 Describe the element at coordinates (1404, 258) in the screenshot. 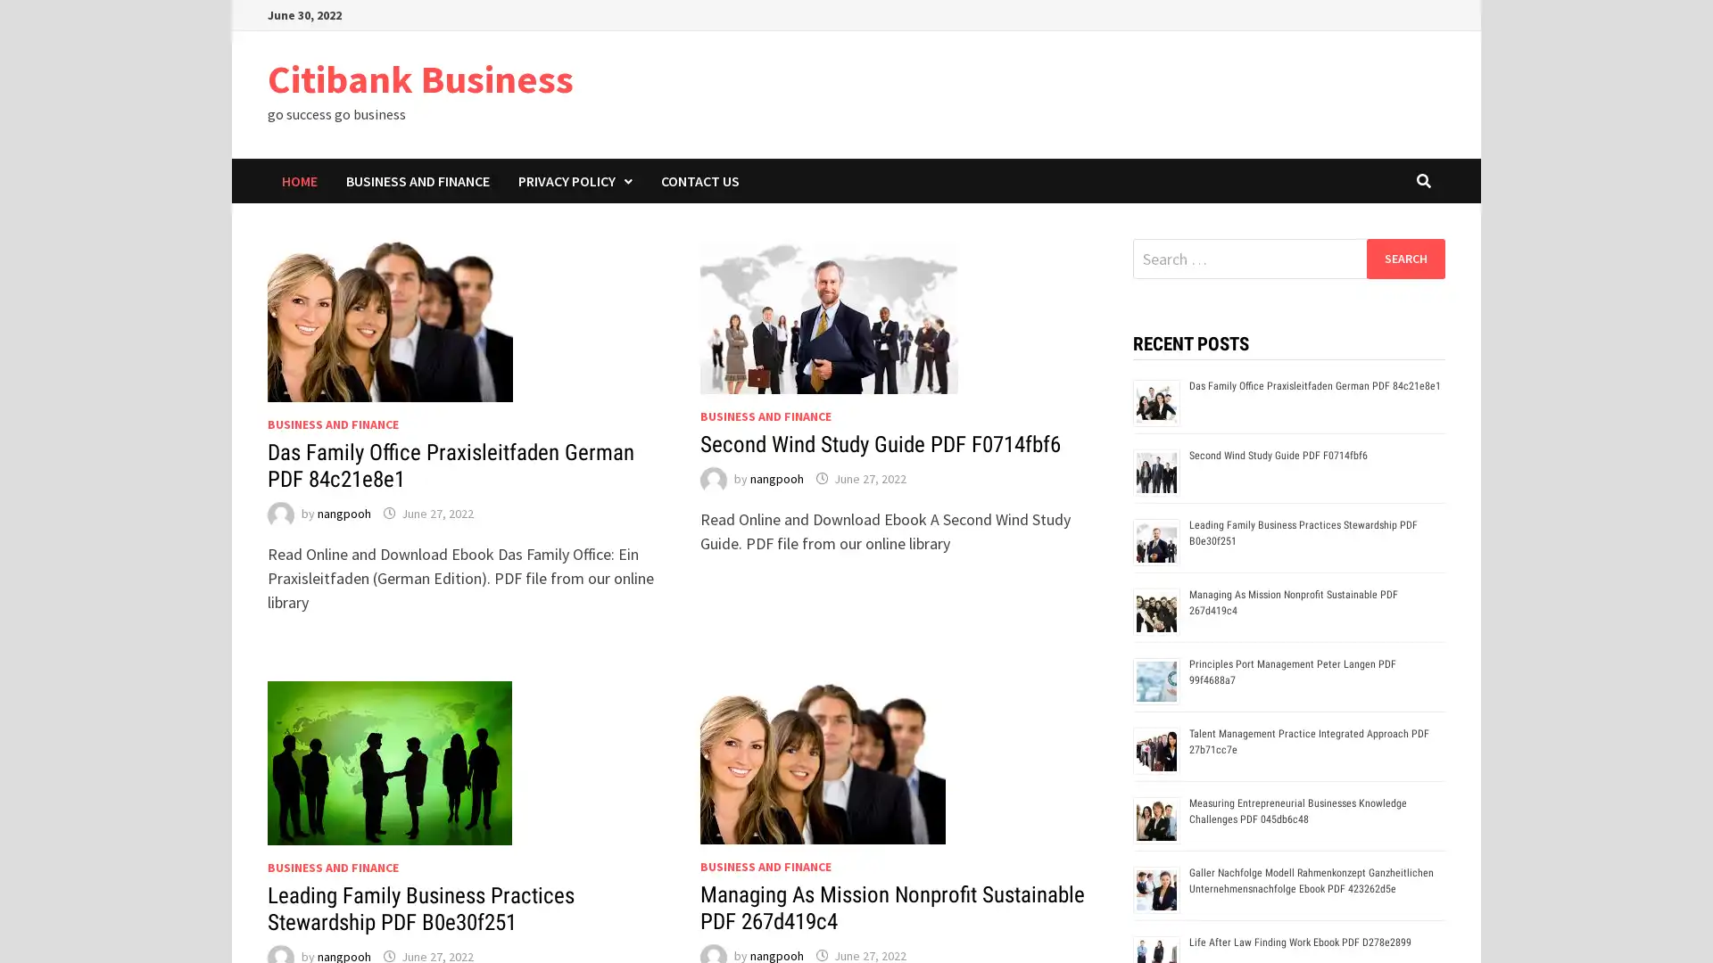

I see `Search` at that location.